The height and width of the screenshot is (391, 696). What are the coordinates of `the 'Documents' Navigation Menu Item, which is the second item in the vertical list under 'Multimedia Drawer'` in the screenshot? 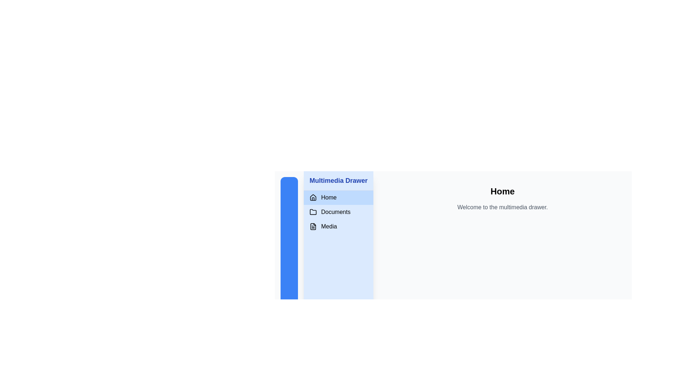 It's located at (338, 212).